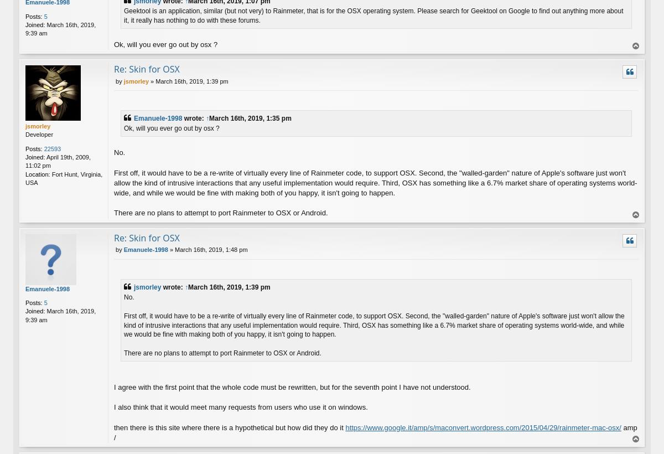 This screenshot has height=454, width=664. I want to click on 'March 16th, 2019, 1:48 pm', so click(211, 249).